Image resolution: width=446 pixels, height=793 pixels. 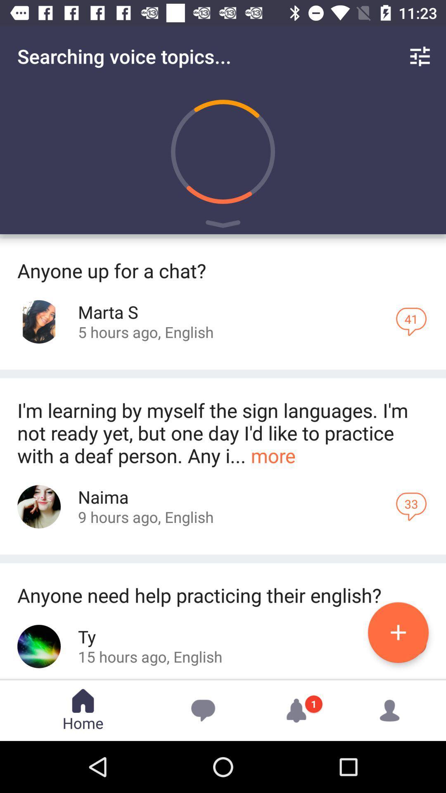 What do you see at coordinates (39, 646) in the screenshot?
I see `profile page` at bounding box center [39, 646].